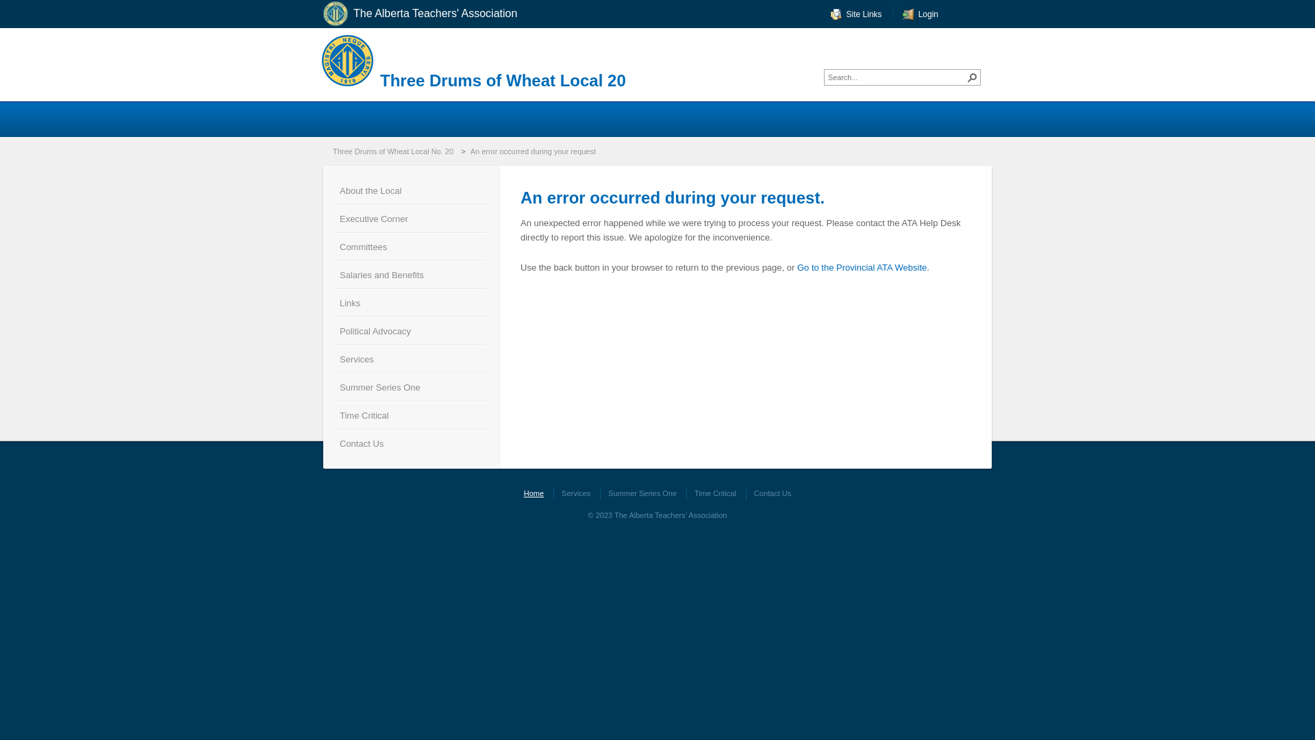 This screenshot has width=1315, height=740. What do you see at coordinates (502, 80) in the screenshot?
I see `'Three Drums of Wheat Local 20'` at bounding box center [502, 80].